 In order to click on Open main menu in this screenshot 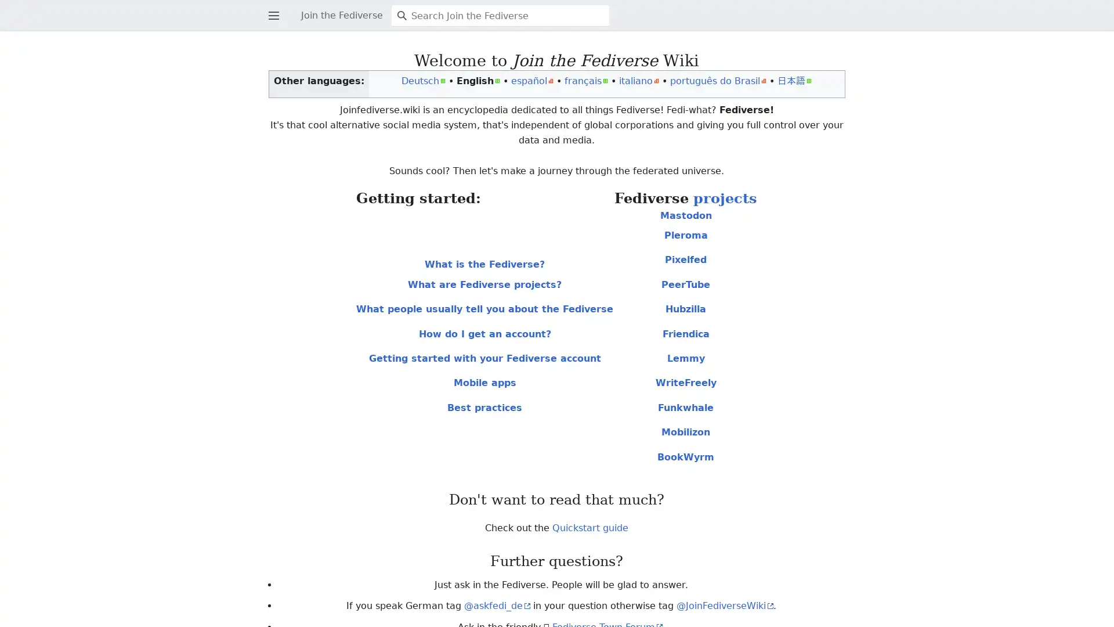, I will do `click(271, 6)`.